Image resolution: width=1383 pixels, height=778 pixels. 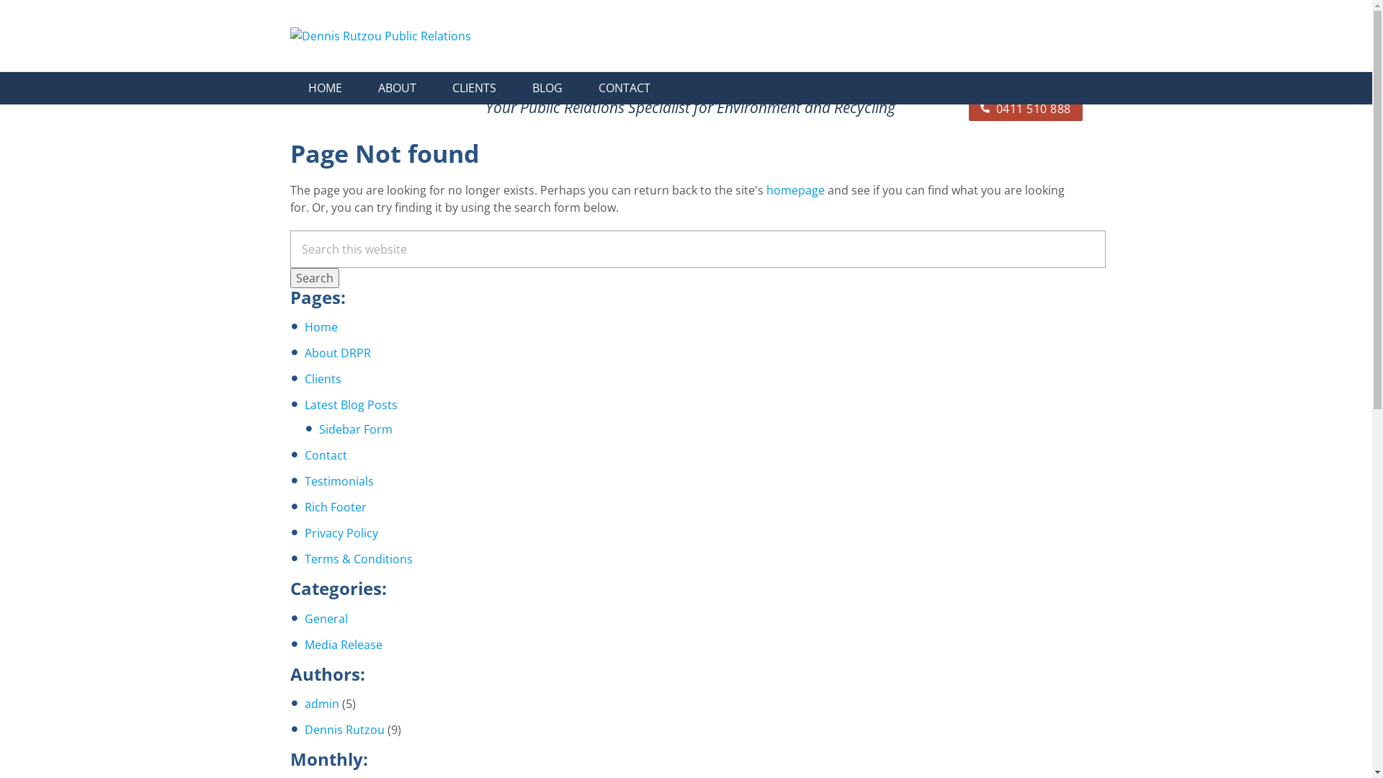 I want to click on 'admin', so click(x=321, y=702).